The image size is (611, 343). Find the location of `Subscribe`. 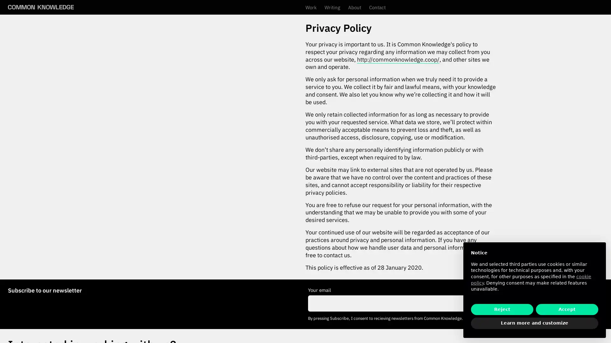

Subscribe is located at coordinates (584, 303).